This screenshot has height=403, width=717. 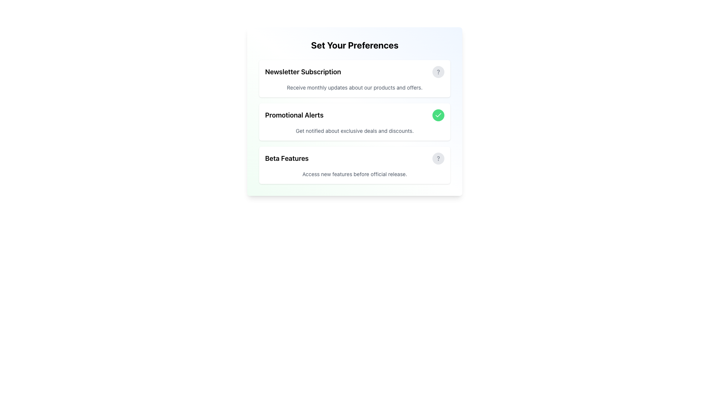 I want to click on descriptive text element located under the 'Beta Features' title, which provides supplementary information about the feature, so click(x=354, y=174).